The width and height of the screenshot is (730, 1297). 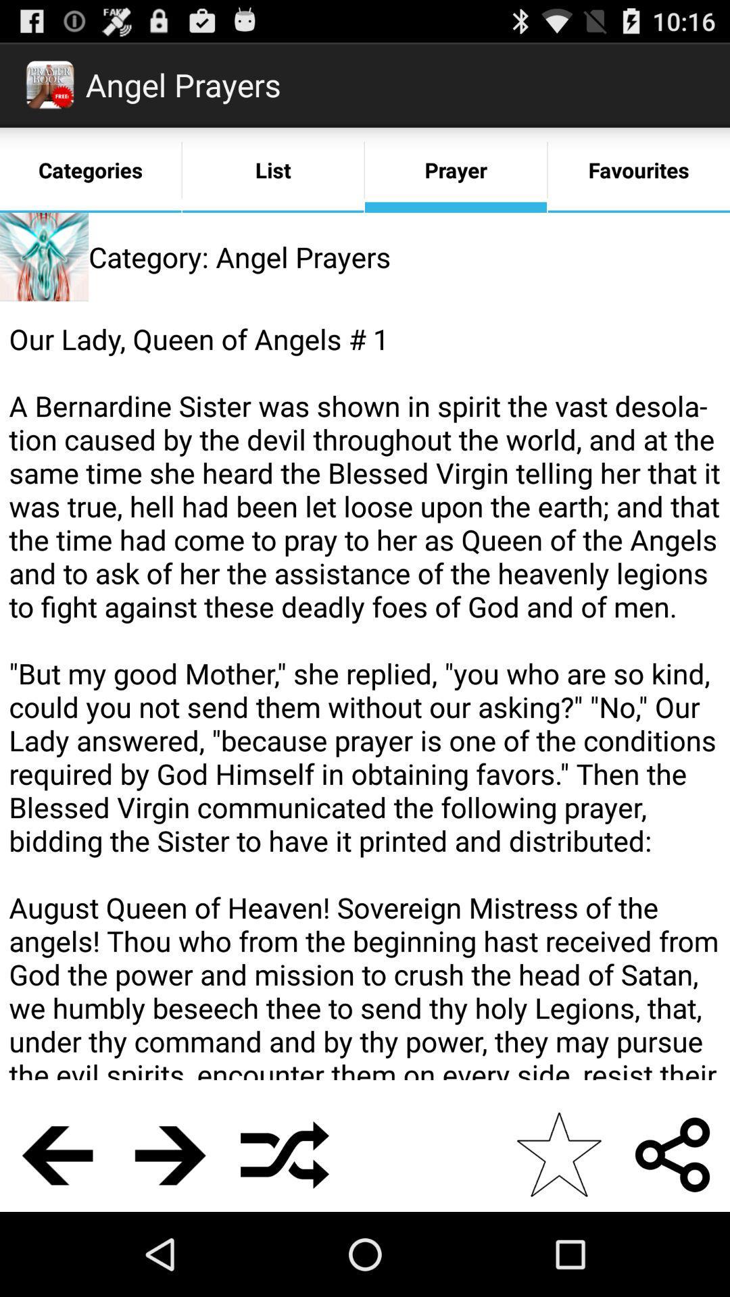 I want to click on back, so click(x=56, y=1154).